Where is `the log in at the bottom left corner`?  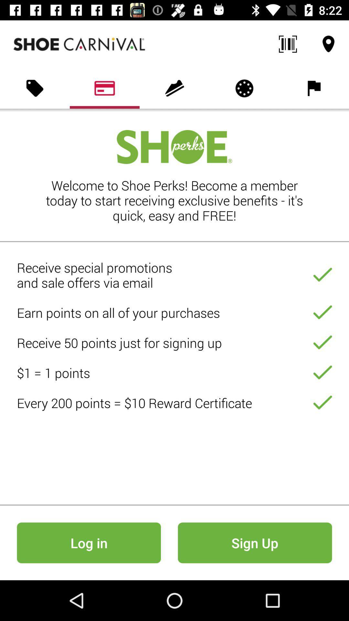
the log in at the bottom left corner is located at coordinates (89, 543).